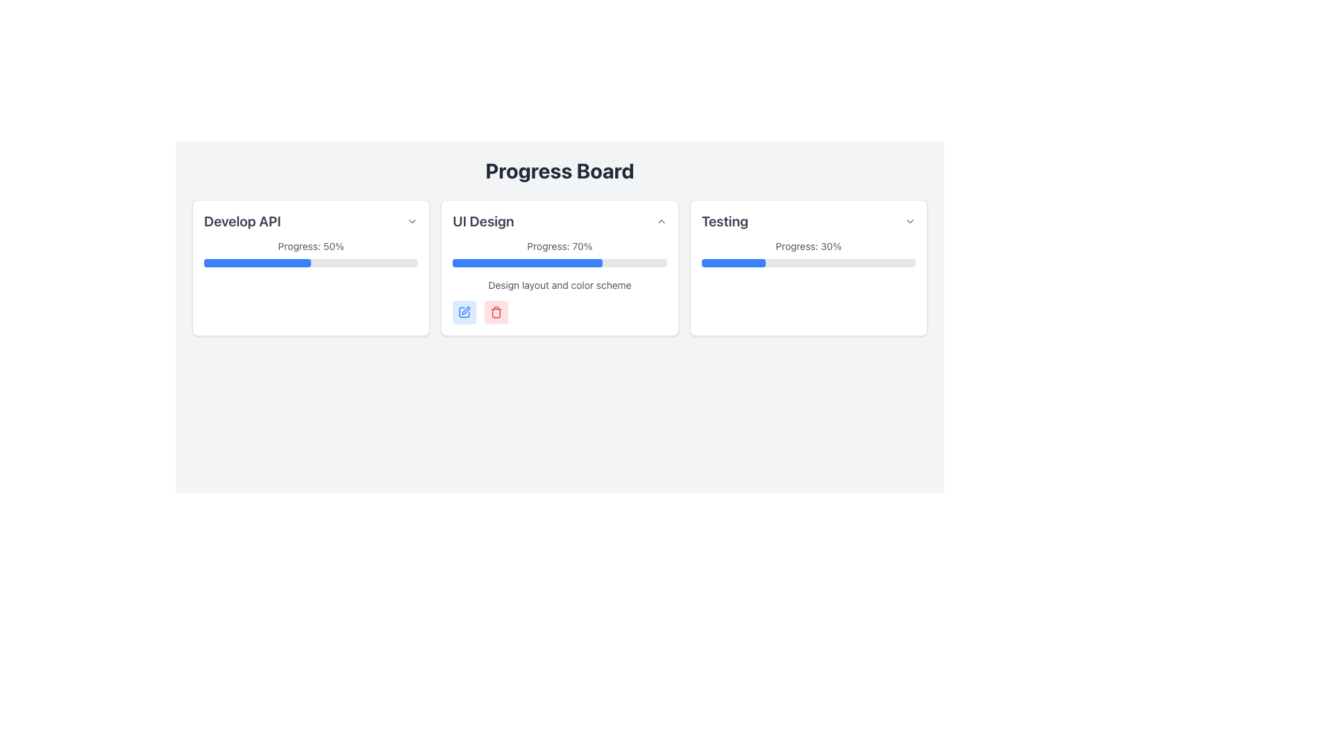 This screenshot has height=750, width=1333. Describe the element at coordinates (560, 285) in the screenshot. I see `the text element that says 'Design layout and color scheme', which is styled with a small font size and gray color, located within the card with the heading 'UI Design' at the center of the interface` at that location.